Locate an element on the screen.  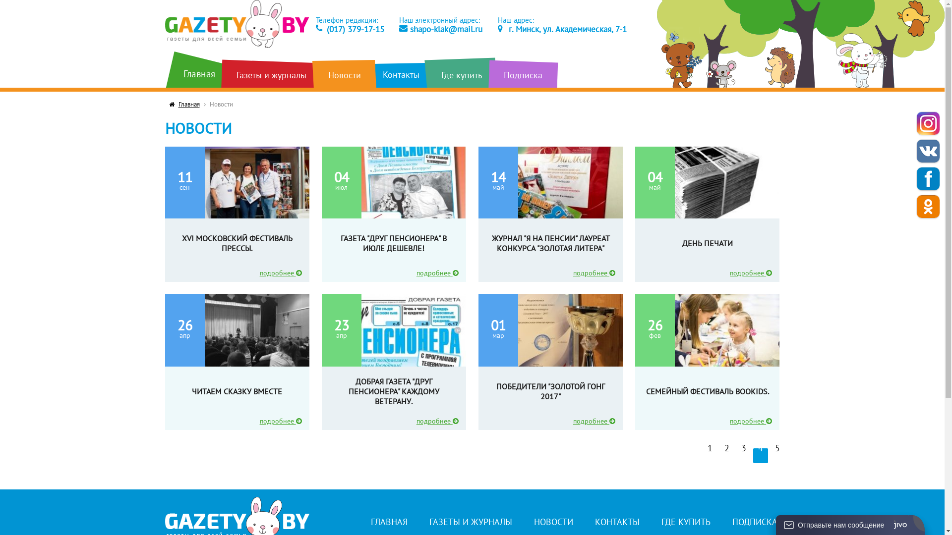
'shapo-klak@mail.ru' is located at coordinates (440, 28).